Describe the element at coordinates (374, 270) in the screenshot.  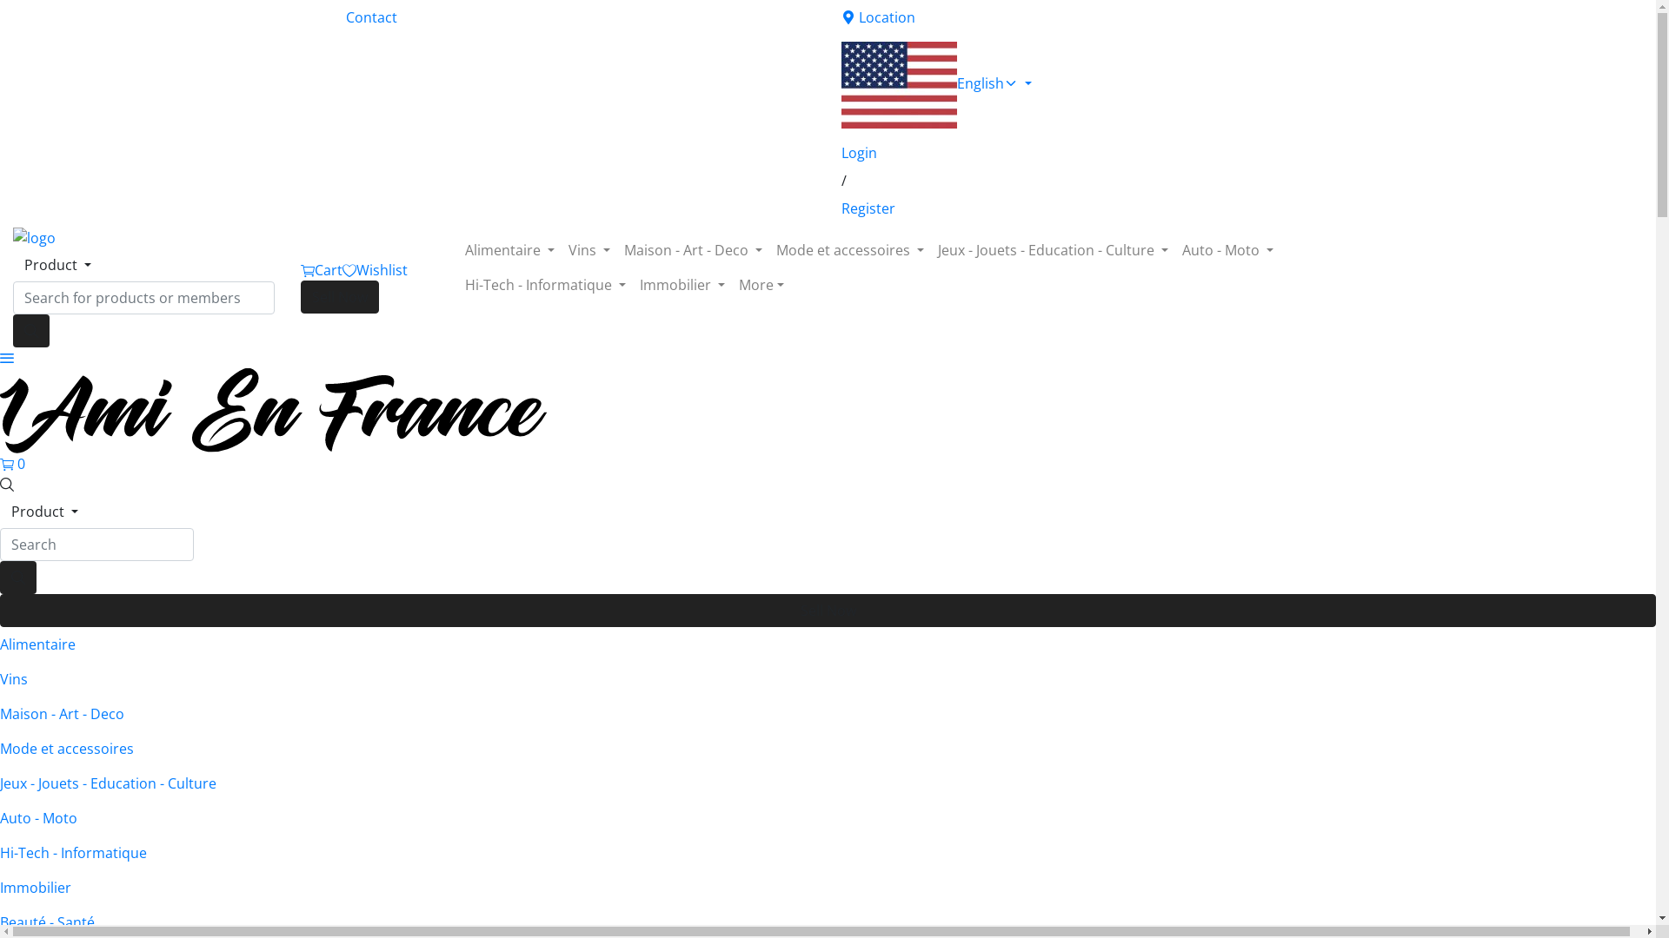
I see `'Wishlist'` at that location.